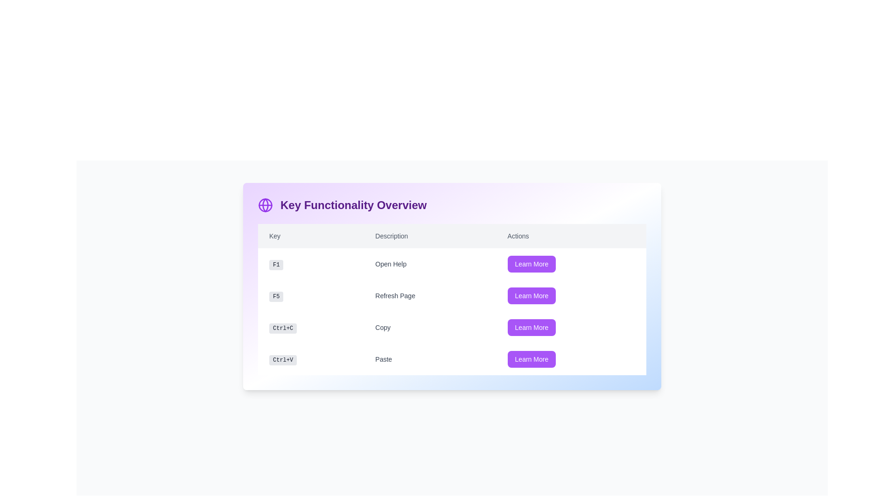 This screenshot has width=896, height=504. Describe the element at coordinates (532, 295) in the screenshot. I see `the button in the 'Actions' column of the 'Key Functionality Overview' section, located in the second row adjacent to 'Refresh Page'` at that location.